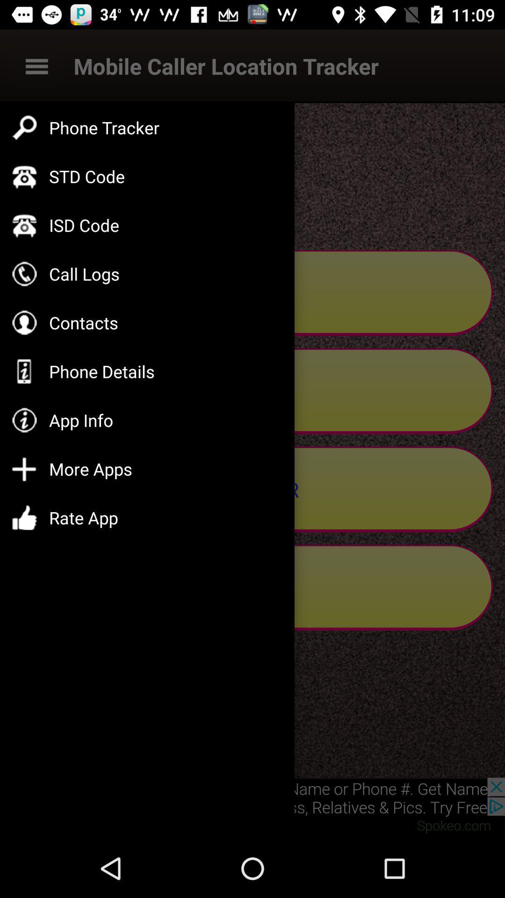  Describe the element at coordinates (24, 323) in the screenshot. I see `icon left to contacts` at that location.